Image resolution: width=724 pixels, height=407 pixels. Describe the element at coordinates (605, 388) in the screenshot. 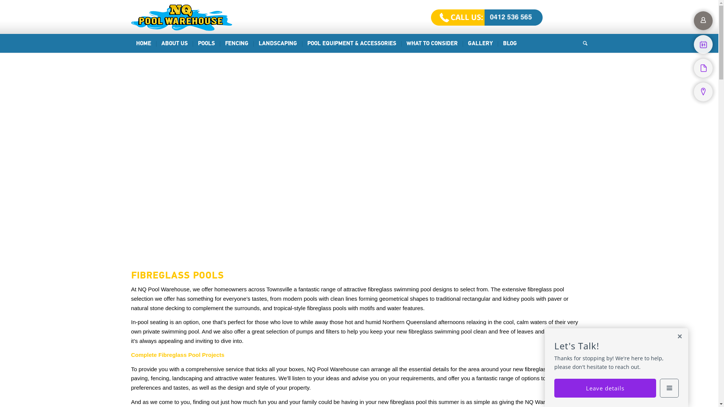

I see `'Leave details'` at that location.